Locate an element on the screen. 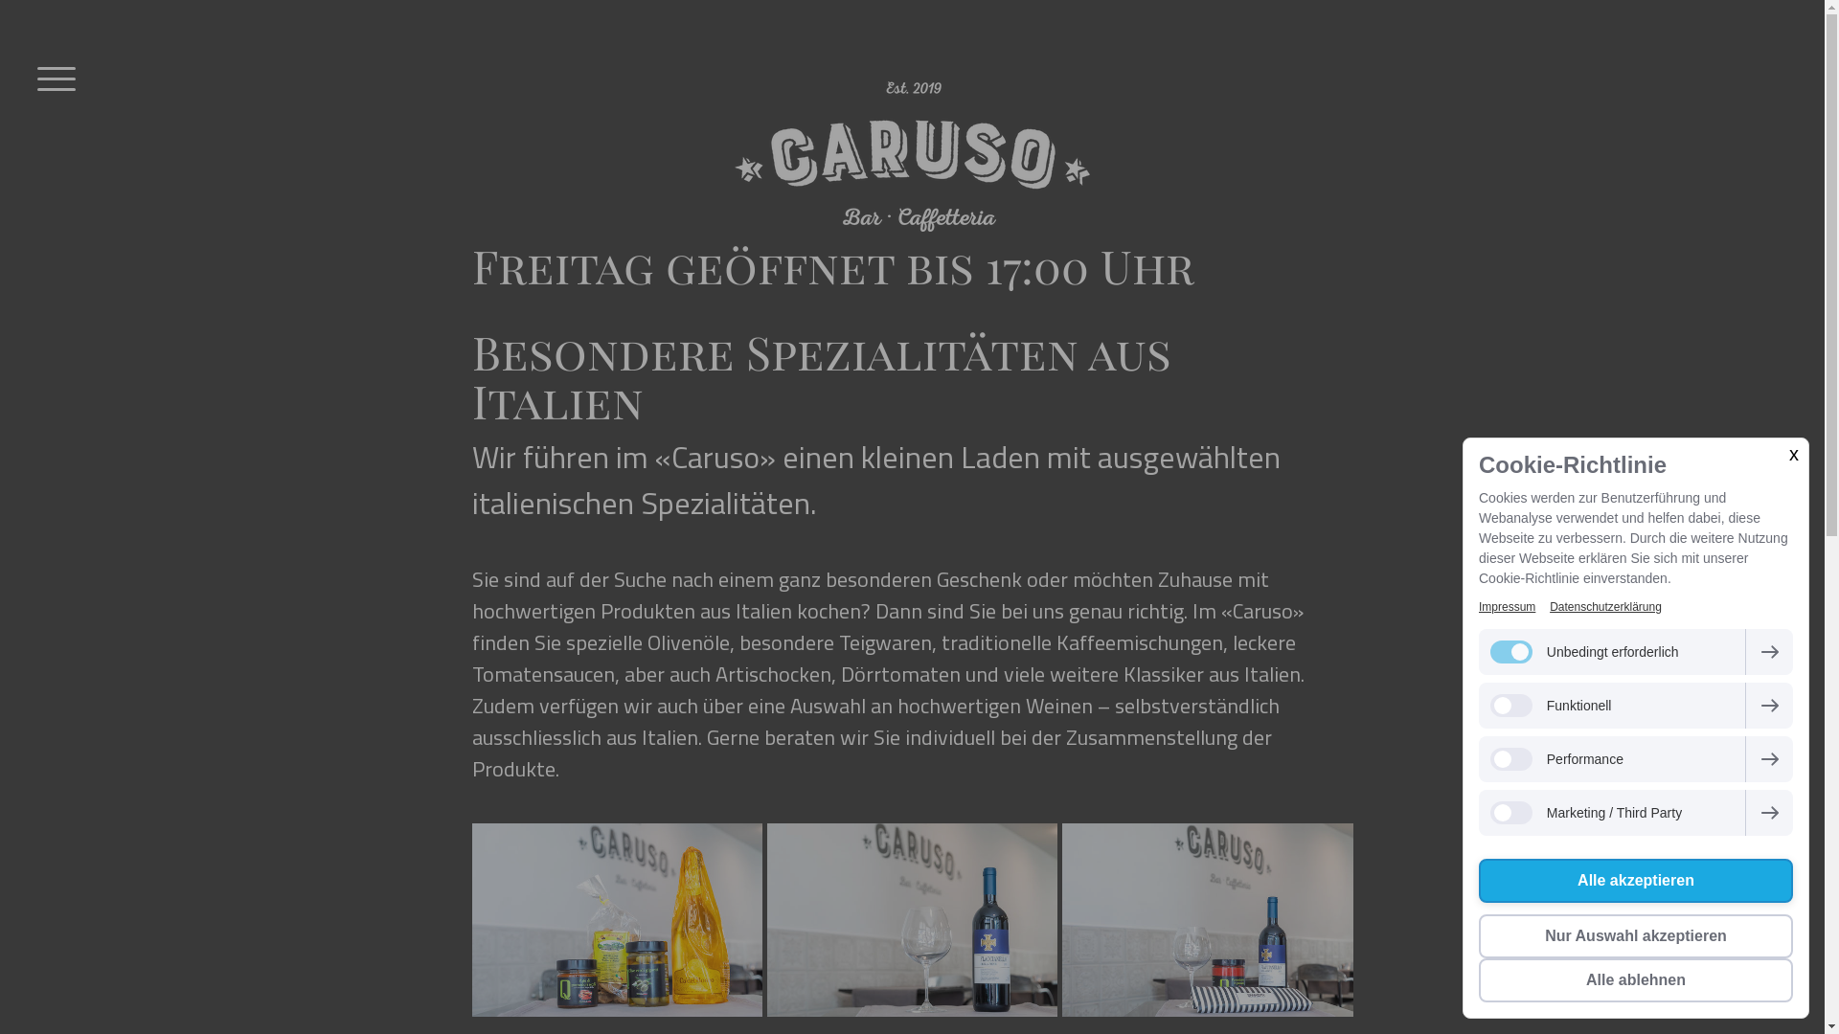 Image resolution: width=1839 pixels, height=1034 pixels. 'Impressum' is located at coordinates (1506, 606).